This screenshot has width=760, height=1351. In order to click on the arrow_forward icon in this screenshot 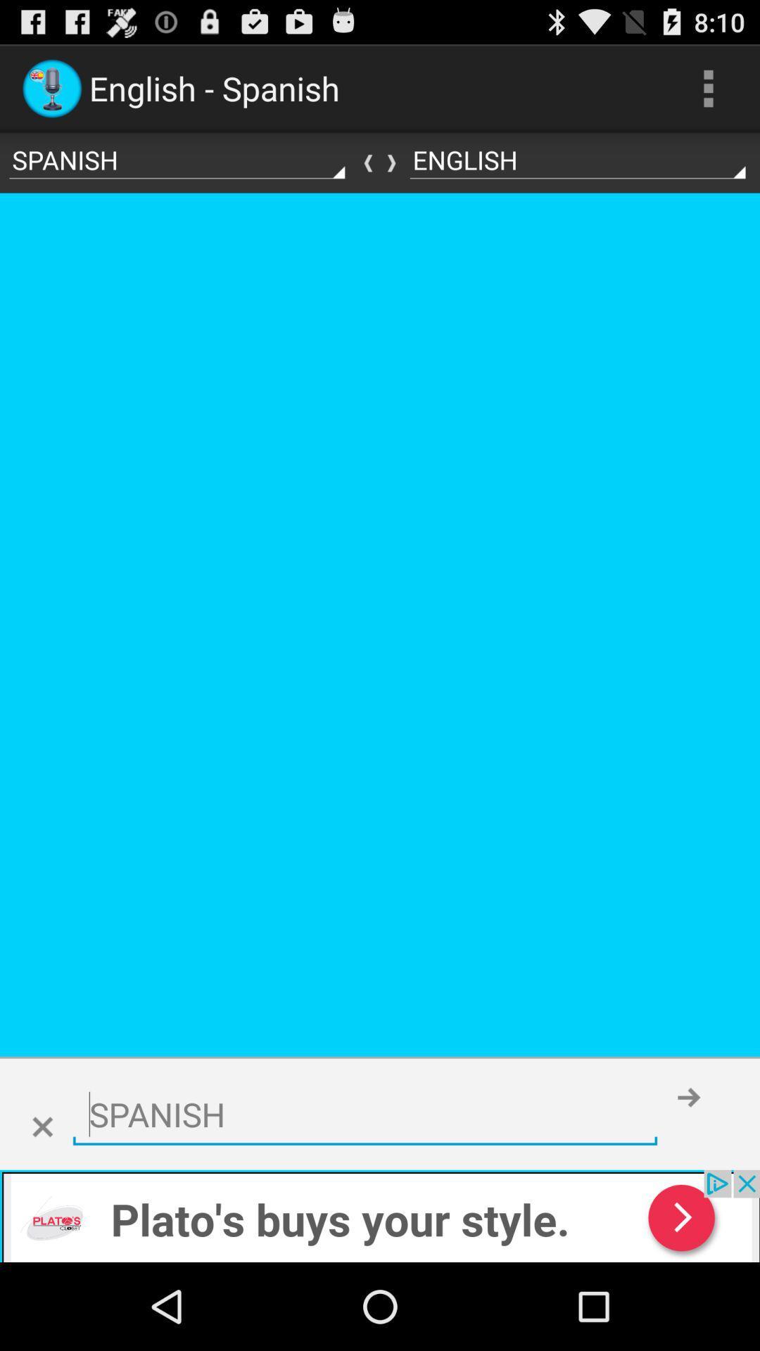, I will do `click(688, 1174)`.